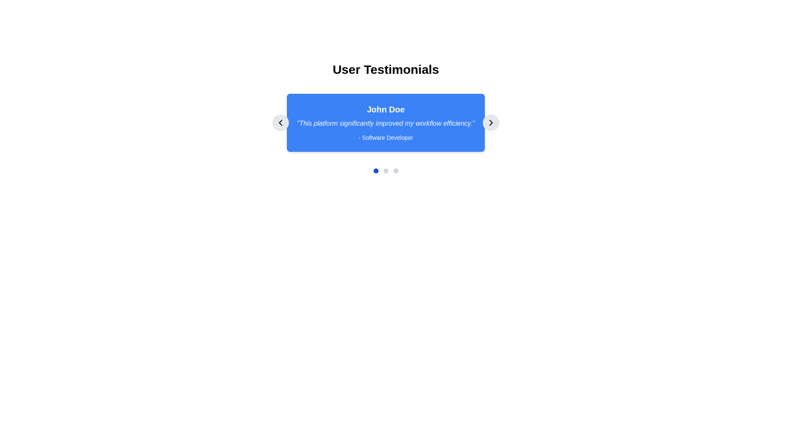 The height and width of the screenshot is (448, 797). What do you see at coordinates (385, 69) in the screenshot?
I see `the bold and large header text that says 'User Testimonials', which is centered at the top of the interface` at bounding box center [385, 69].